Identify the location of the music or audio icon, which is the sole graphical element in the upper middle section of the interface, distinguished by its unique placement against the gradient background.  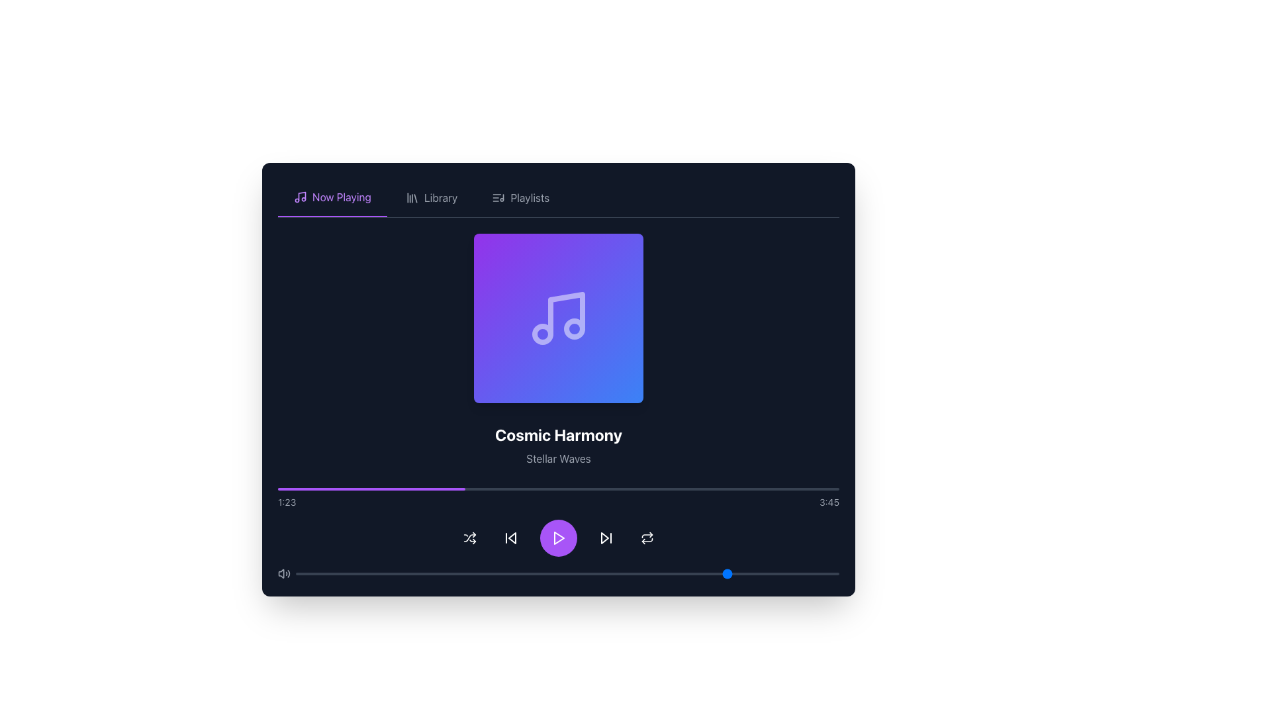
(559, 318).